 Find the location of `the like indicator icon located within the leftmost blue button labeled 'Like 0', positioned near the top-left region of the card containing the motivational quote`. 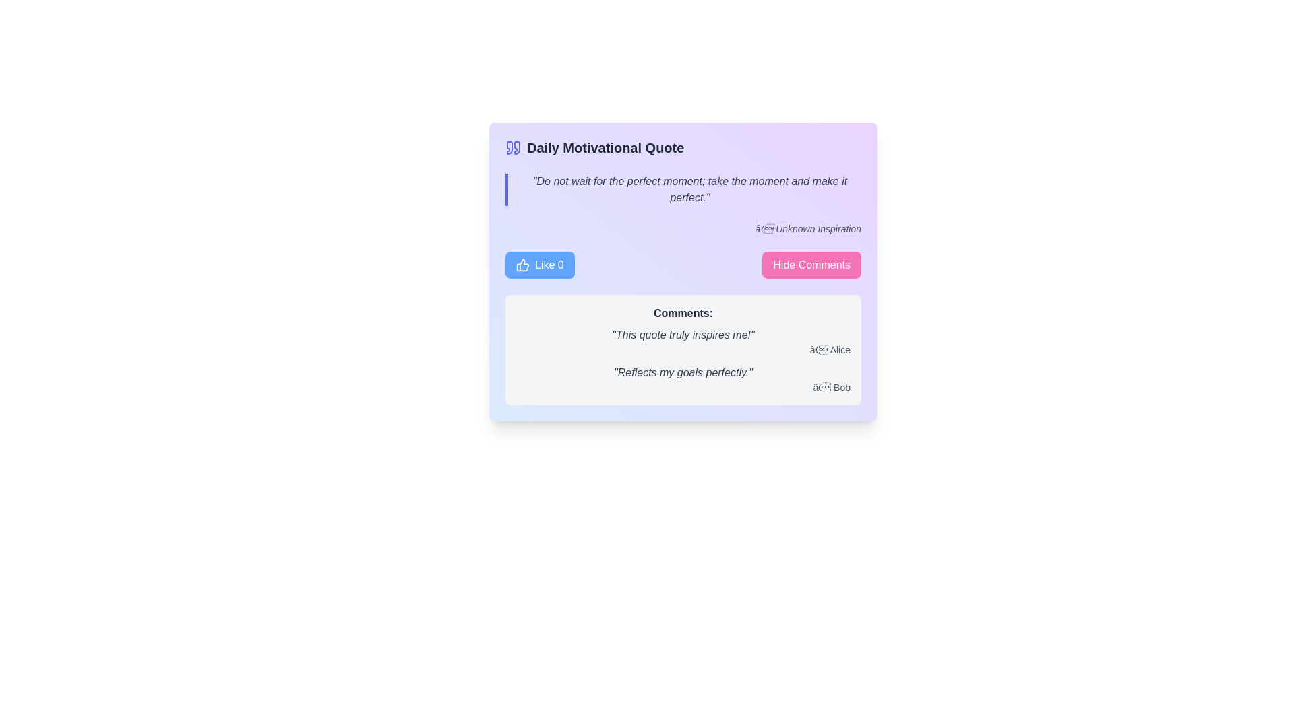

the like indicator icon located within the leftmost blue button labeled 'Like 0', positioned near the top-left region of the card containing the motivational quote is located at coordinates (522, 265).